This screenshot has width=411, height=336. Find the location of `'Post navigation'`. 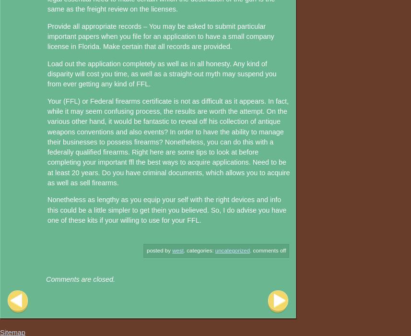

'Post navigation' is located at coordinates (27, 293).